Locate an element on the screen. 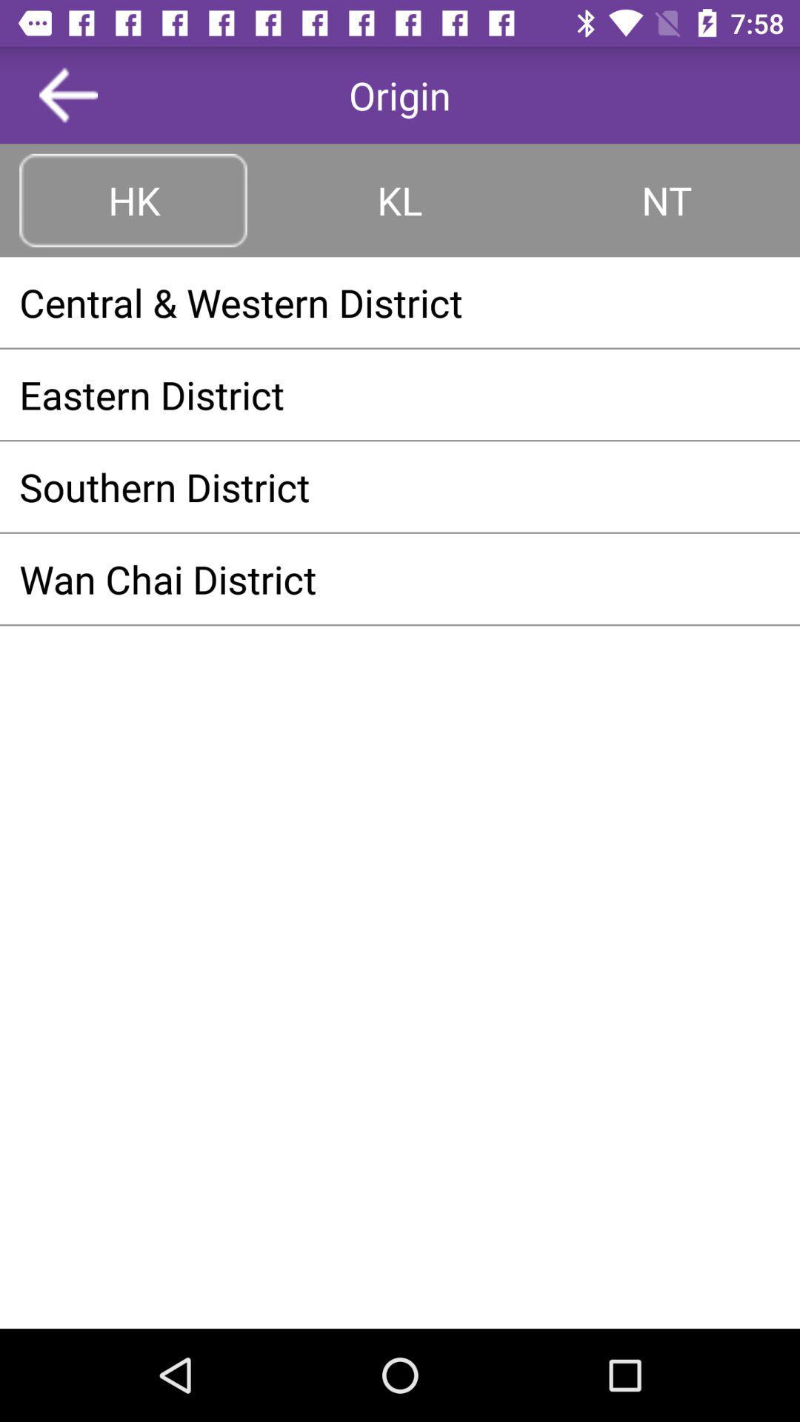 This screenshot has height=1422, width=800. the kl item is located at coordinates (400, 199).